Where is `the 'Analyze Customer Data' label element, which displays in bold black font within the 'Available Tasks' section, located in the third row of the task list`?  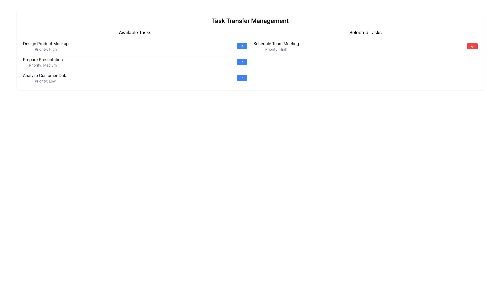
the 'Analyze Customer Data' label element, which displays in bold black font within the 'Available Tasks' section, located in the third row of the task list is located at coordinates (45, 75).